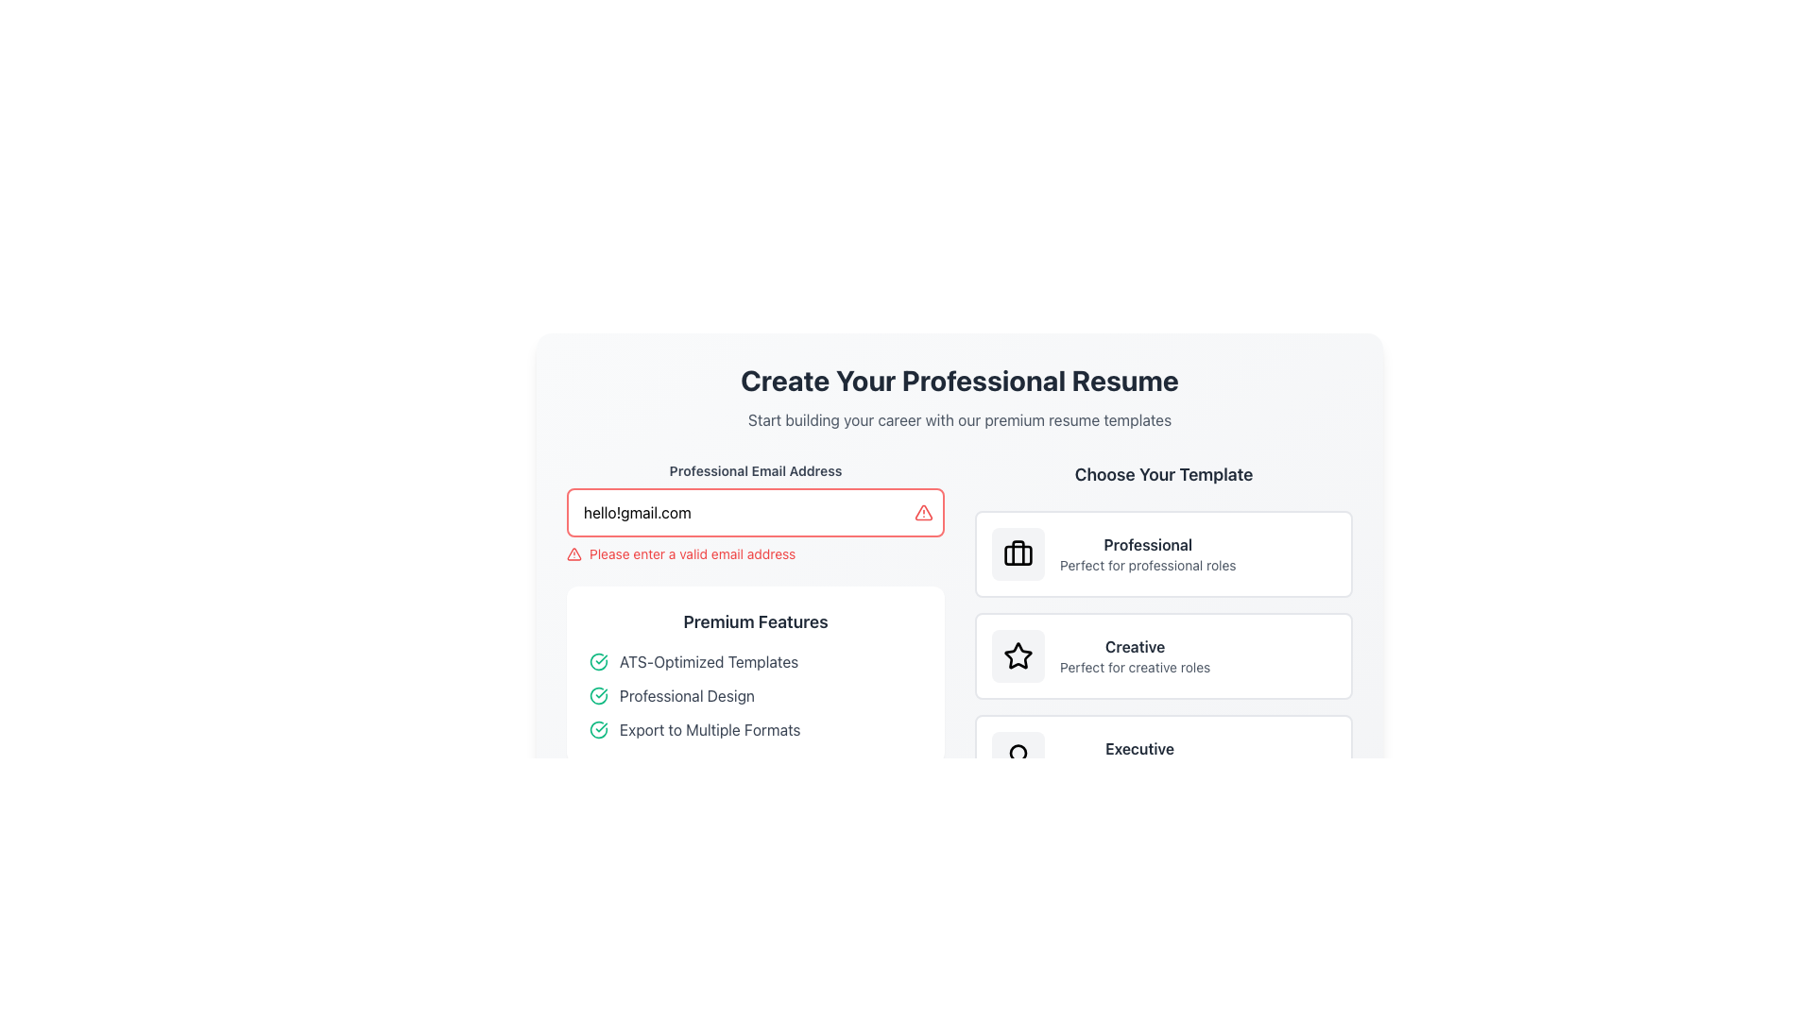 The height and width of the screenshot is (1020, 1814). What do you see at coordinates (1138, 756) in the screenshot?
I see `textual content of the selectable template option titled 'Executive' located in the 'Choose Your Template' section at the bottom of the list` at bounding box center [1138, 756].